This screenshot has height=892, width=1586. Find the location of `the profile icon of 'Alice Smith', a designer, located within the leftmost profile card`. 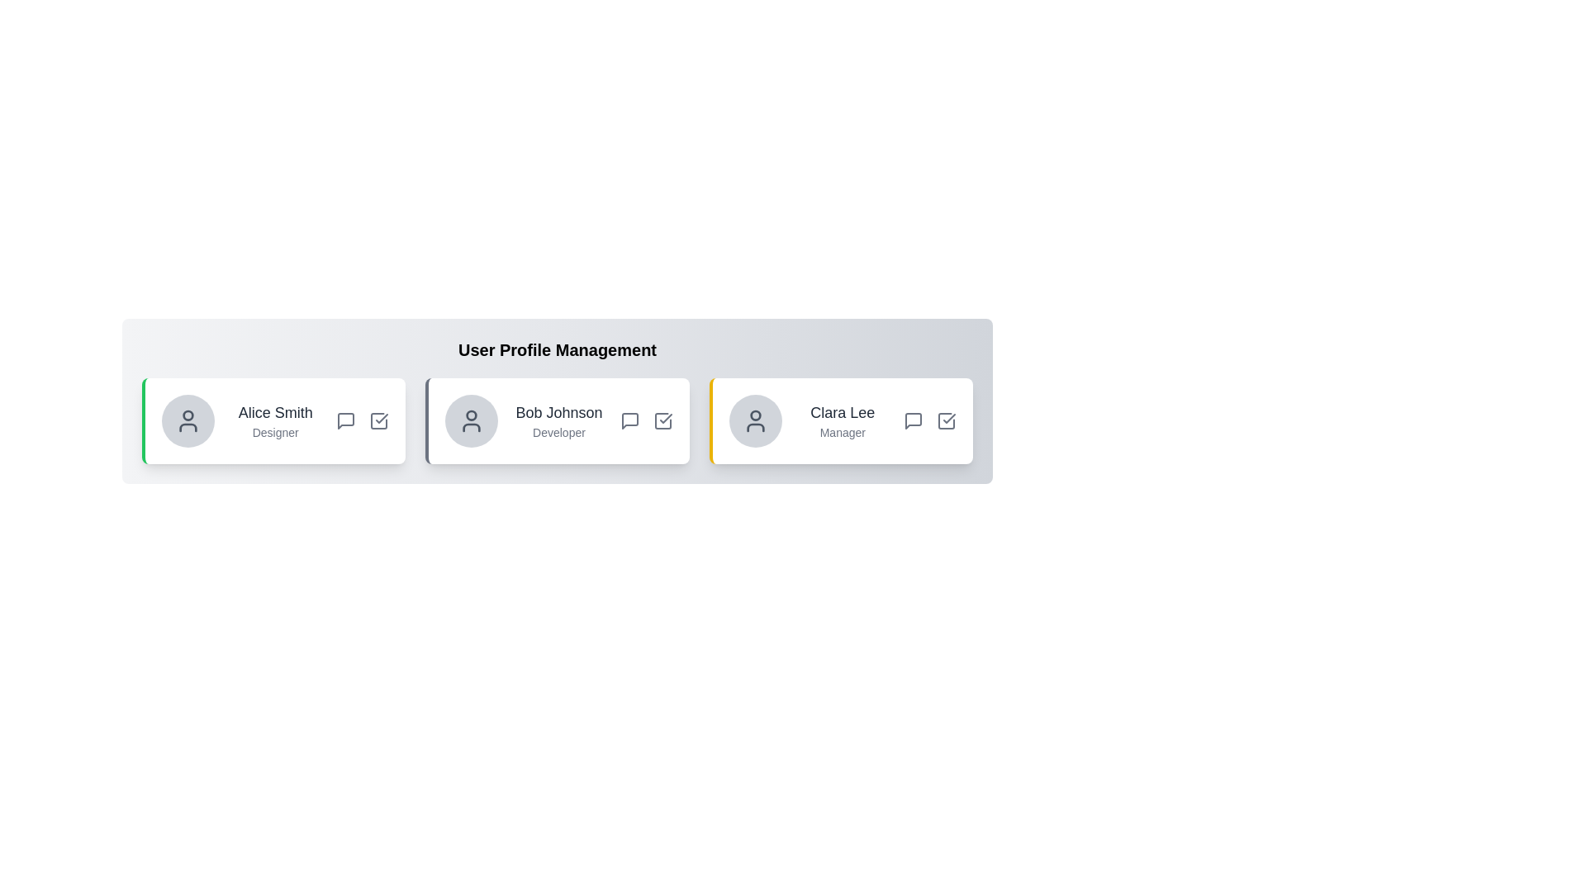

the profile icon of 'Alice Smith', a designer, located within the leftmost profile card is located at coordinates (188, 420).